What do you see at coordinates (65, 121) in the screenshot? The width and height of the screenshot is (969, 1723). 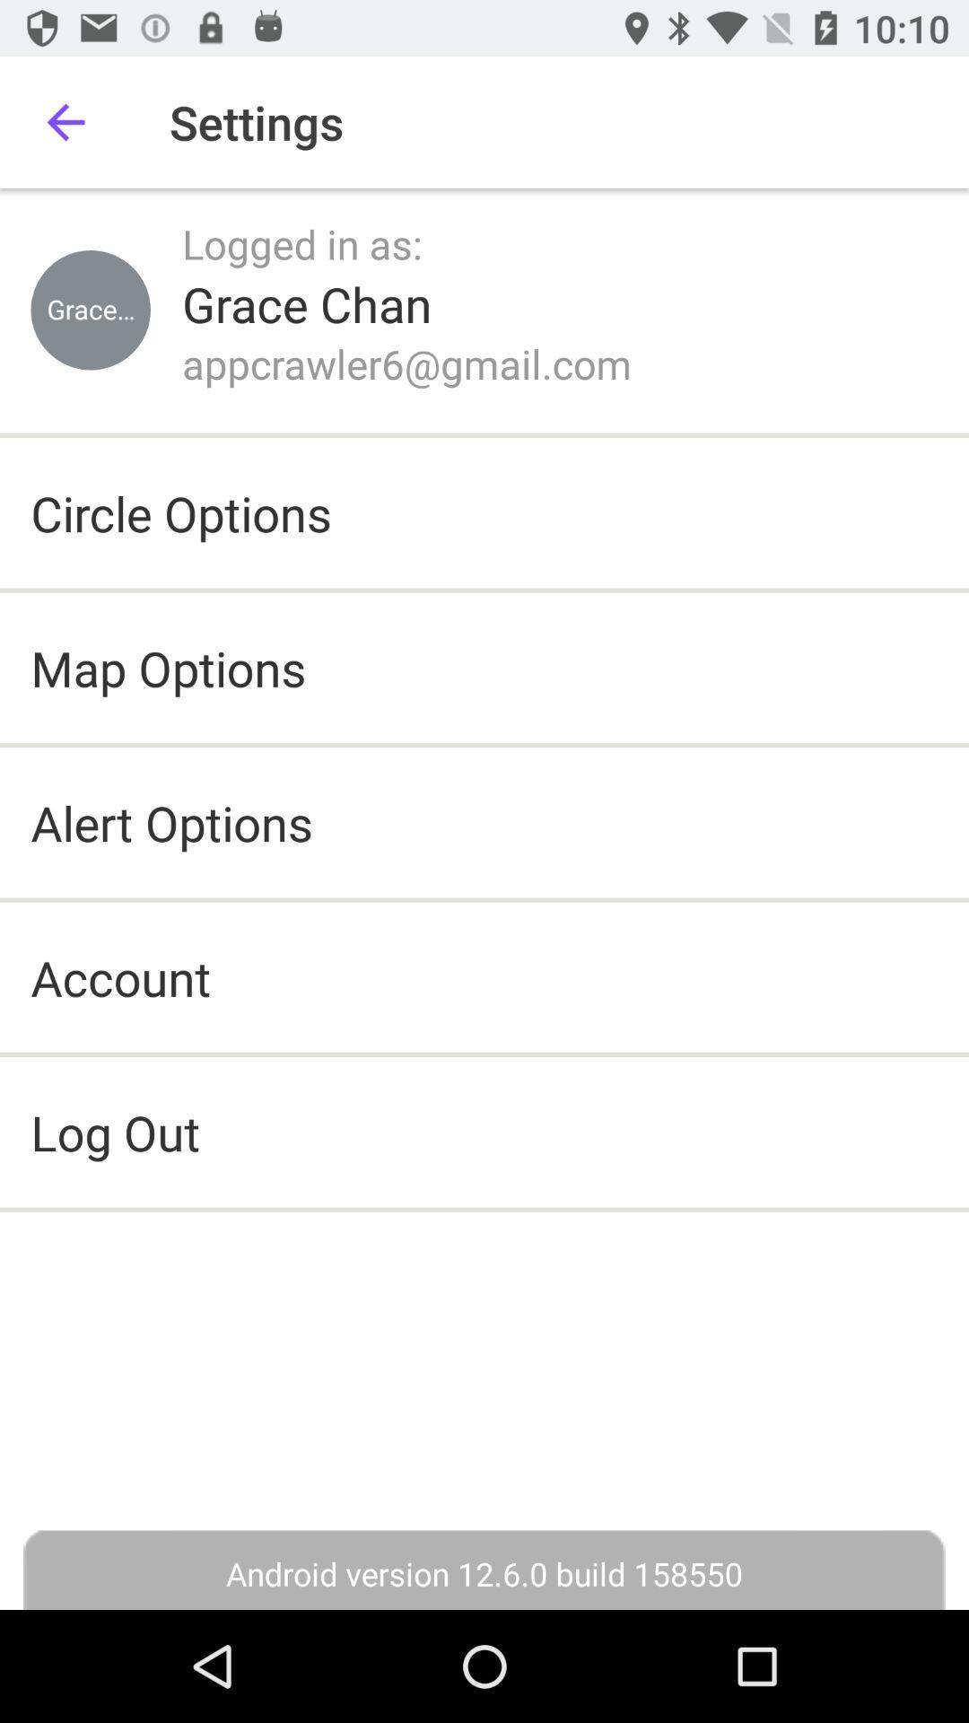 I see `the icon next to the settings item` at bounding box center [65, 121].